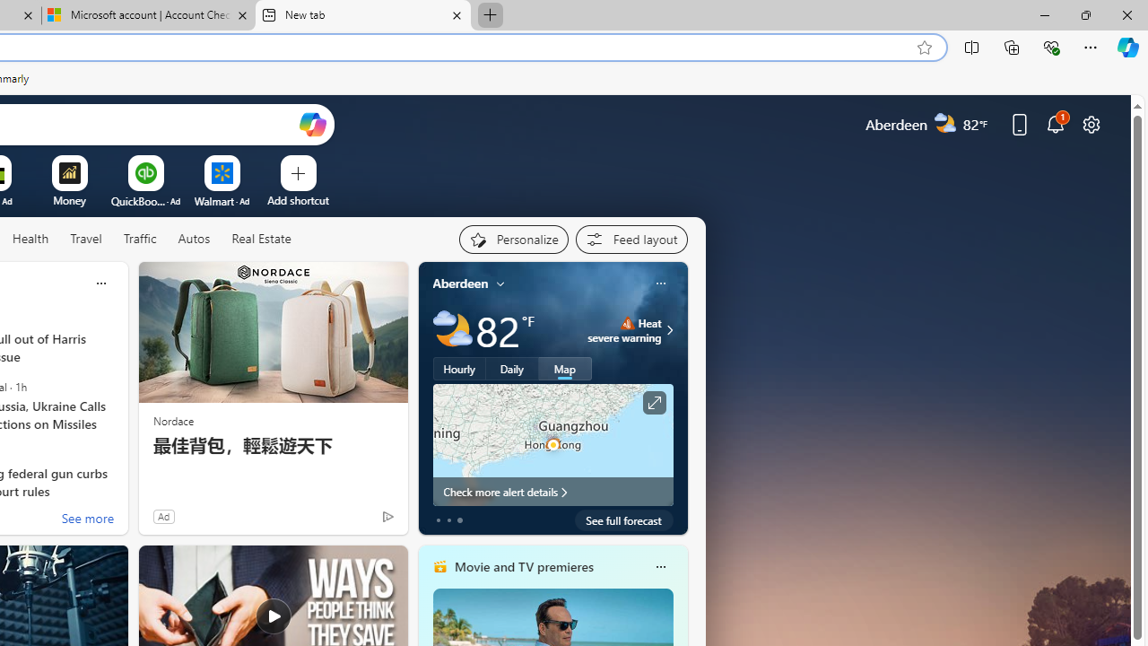  I want to click on 'Health', so click(30, 238).